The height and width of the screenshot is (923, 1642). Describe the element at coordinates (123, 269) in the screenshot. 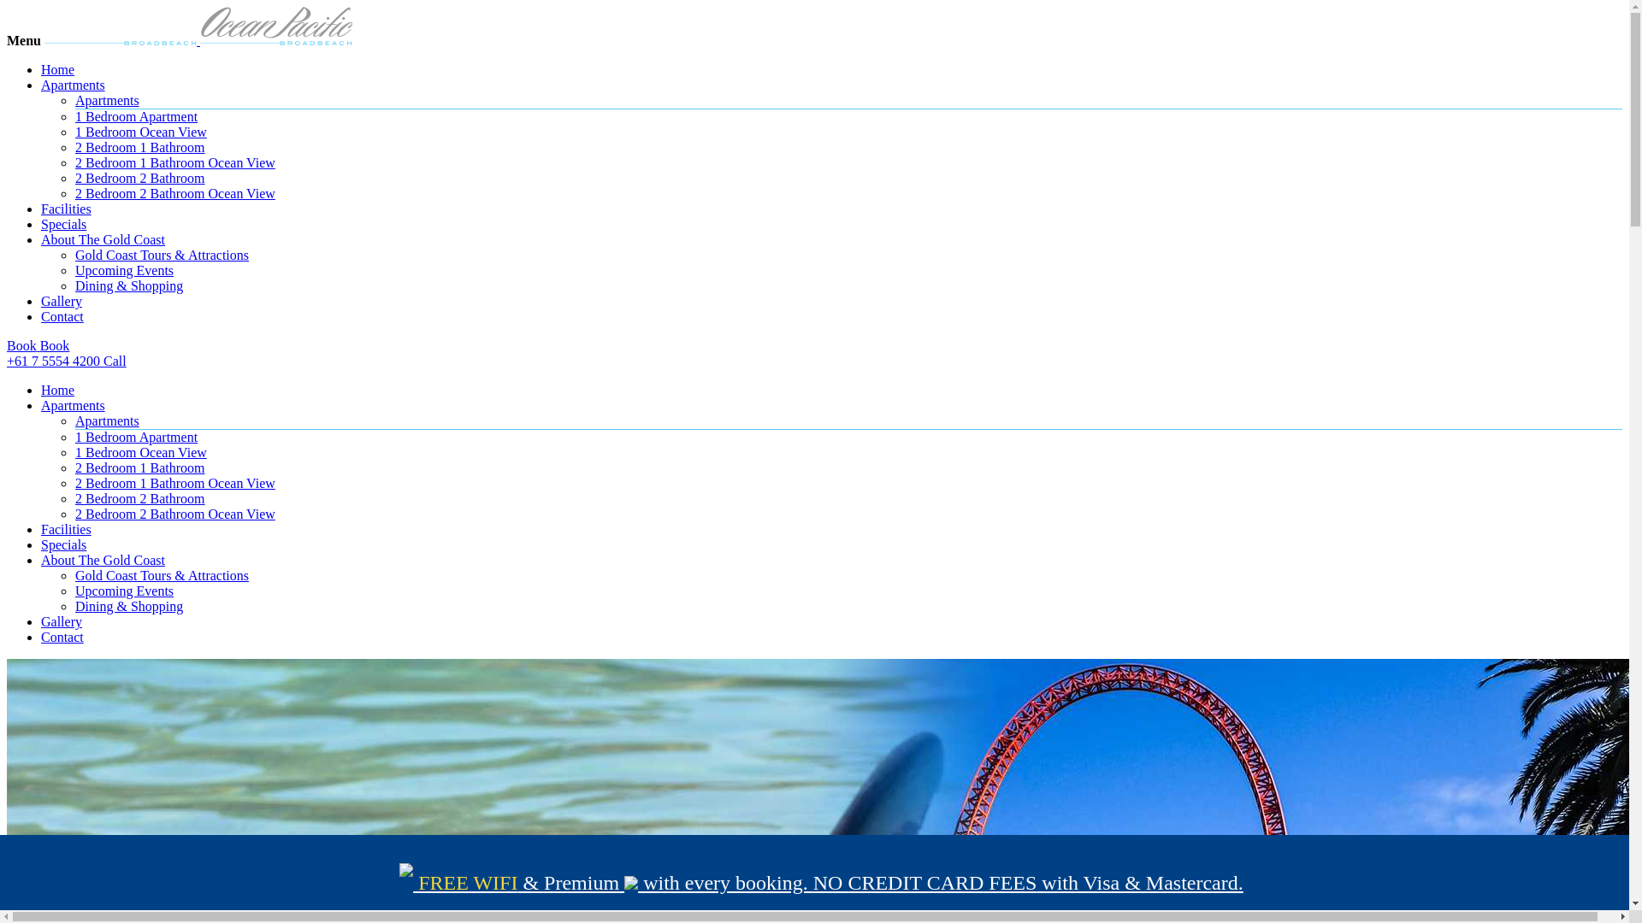

I see `'Upcoming Events'` at that location.